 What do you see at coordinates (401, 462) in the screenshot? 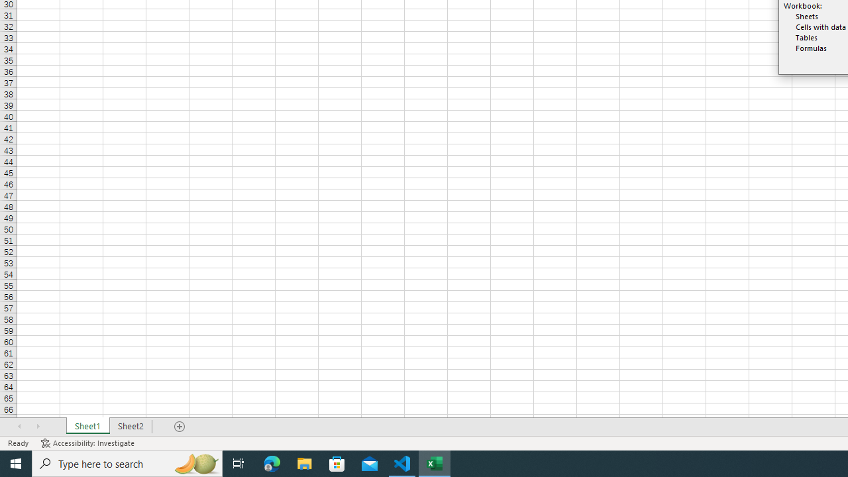
I see `'Visual Studio Code - 1 running window'` at bounding box center [401, 462].